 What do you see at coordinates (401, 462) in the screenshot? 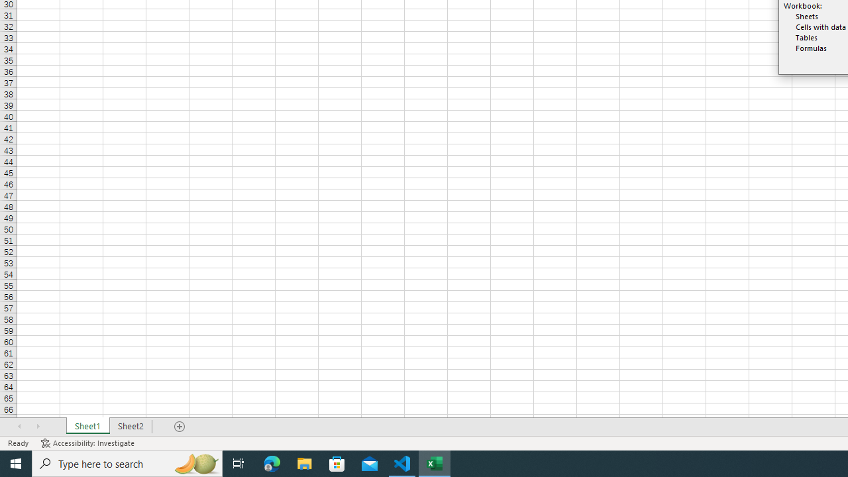
I see `'Visual Studio Code - 1 running window'` at bounding box center [401, 462].